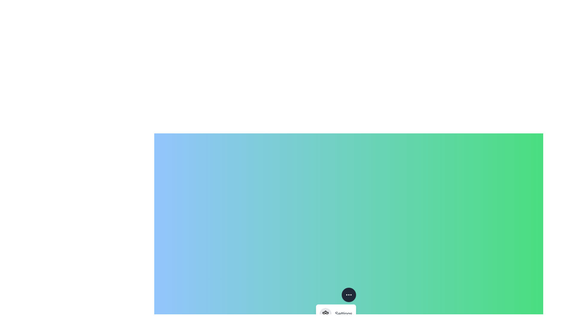 The image size is (574, 323). What do you see at coordinates (336, 313) in the screenshot?
I see `the 'Settings' menu option` at bounding box center [336, 313].